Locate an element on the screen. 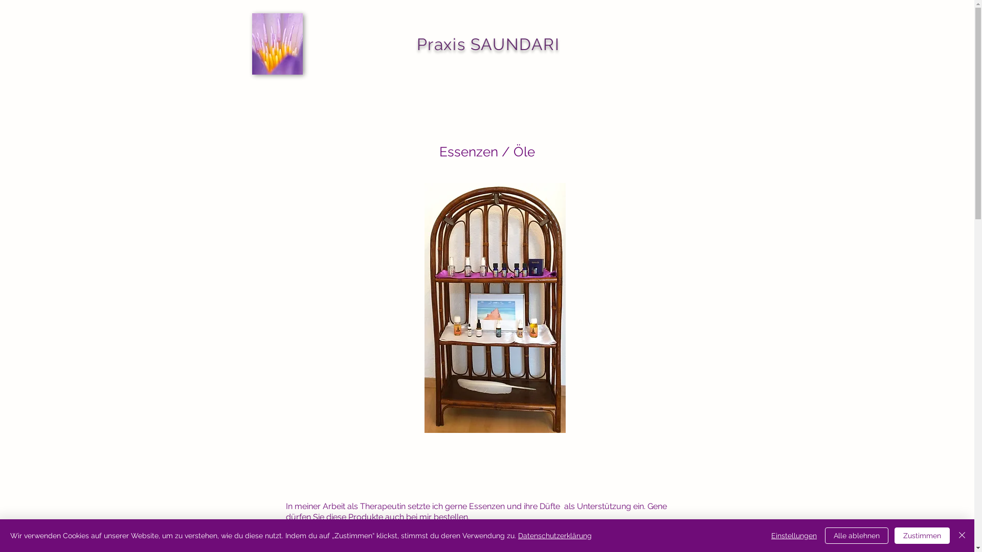 Image resolution: width=982 pixels, height=552 pixels. 'Alle ablehnen' is located at coordinates (857, 535).